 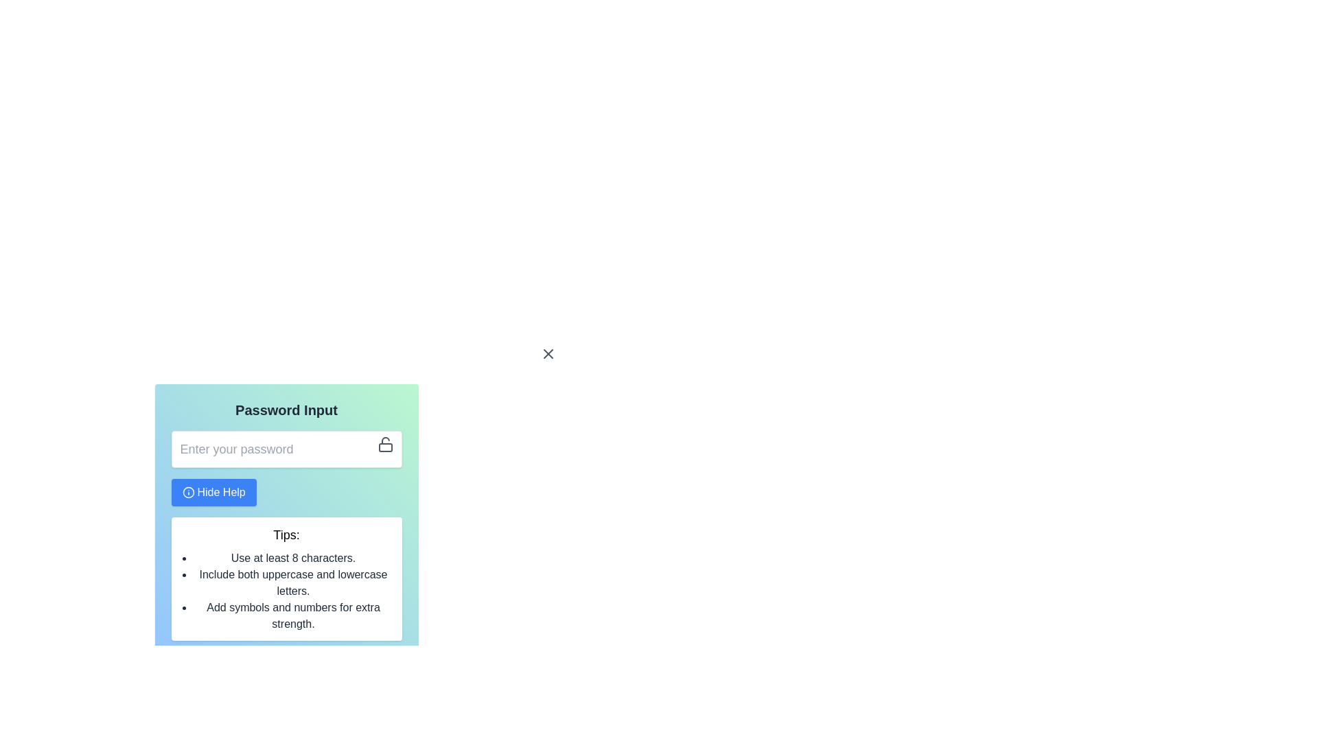 I want to click on the password input field of the Password Input Interface, so click(x=286, y=492).